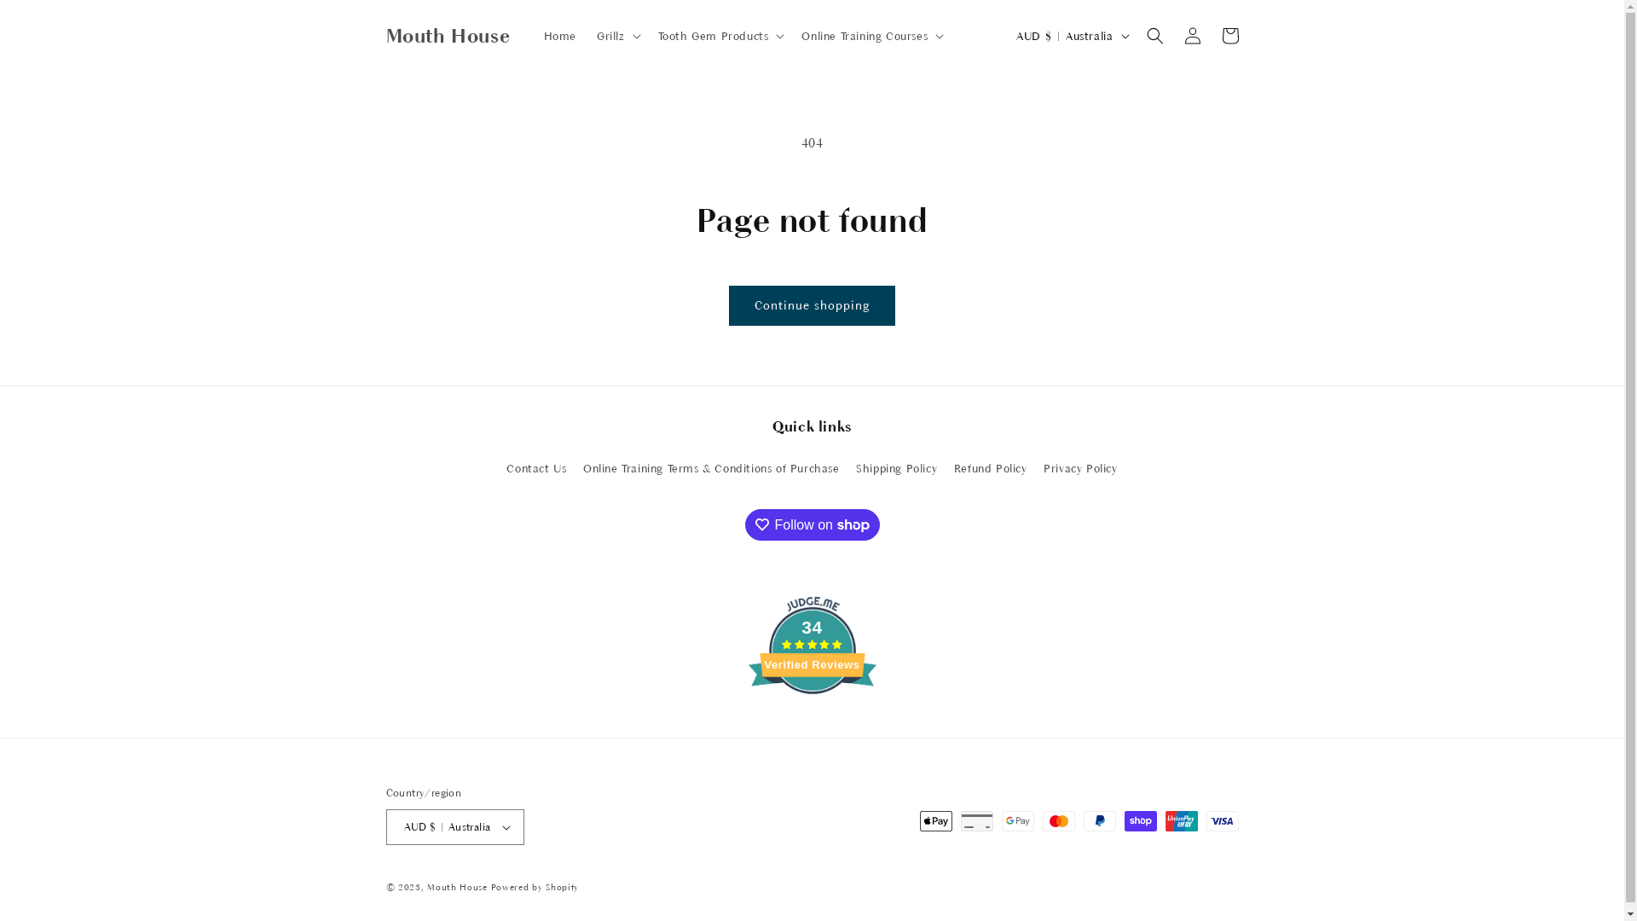 This screenshot has height=921, width=1637. What do you see at coordinates (560, 36) in the screenshot?
I see `'Home'` at bounding box center [560, 36].